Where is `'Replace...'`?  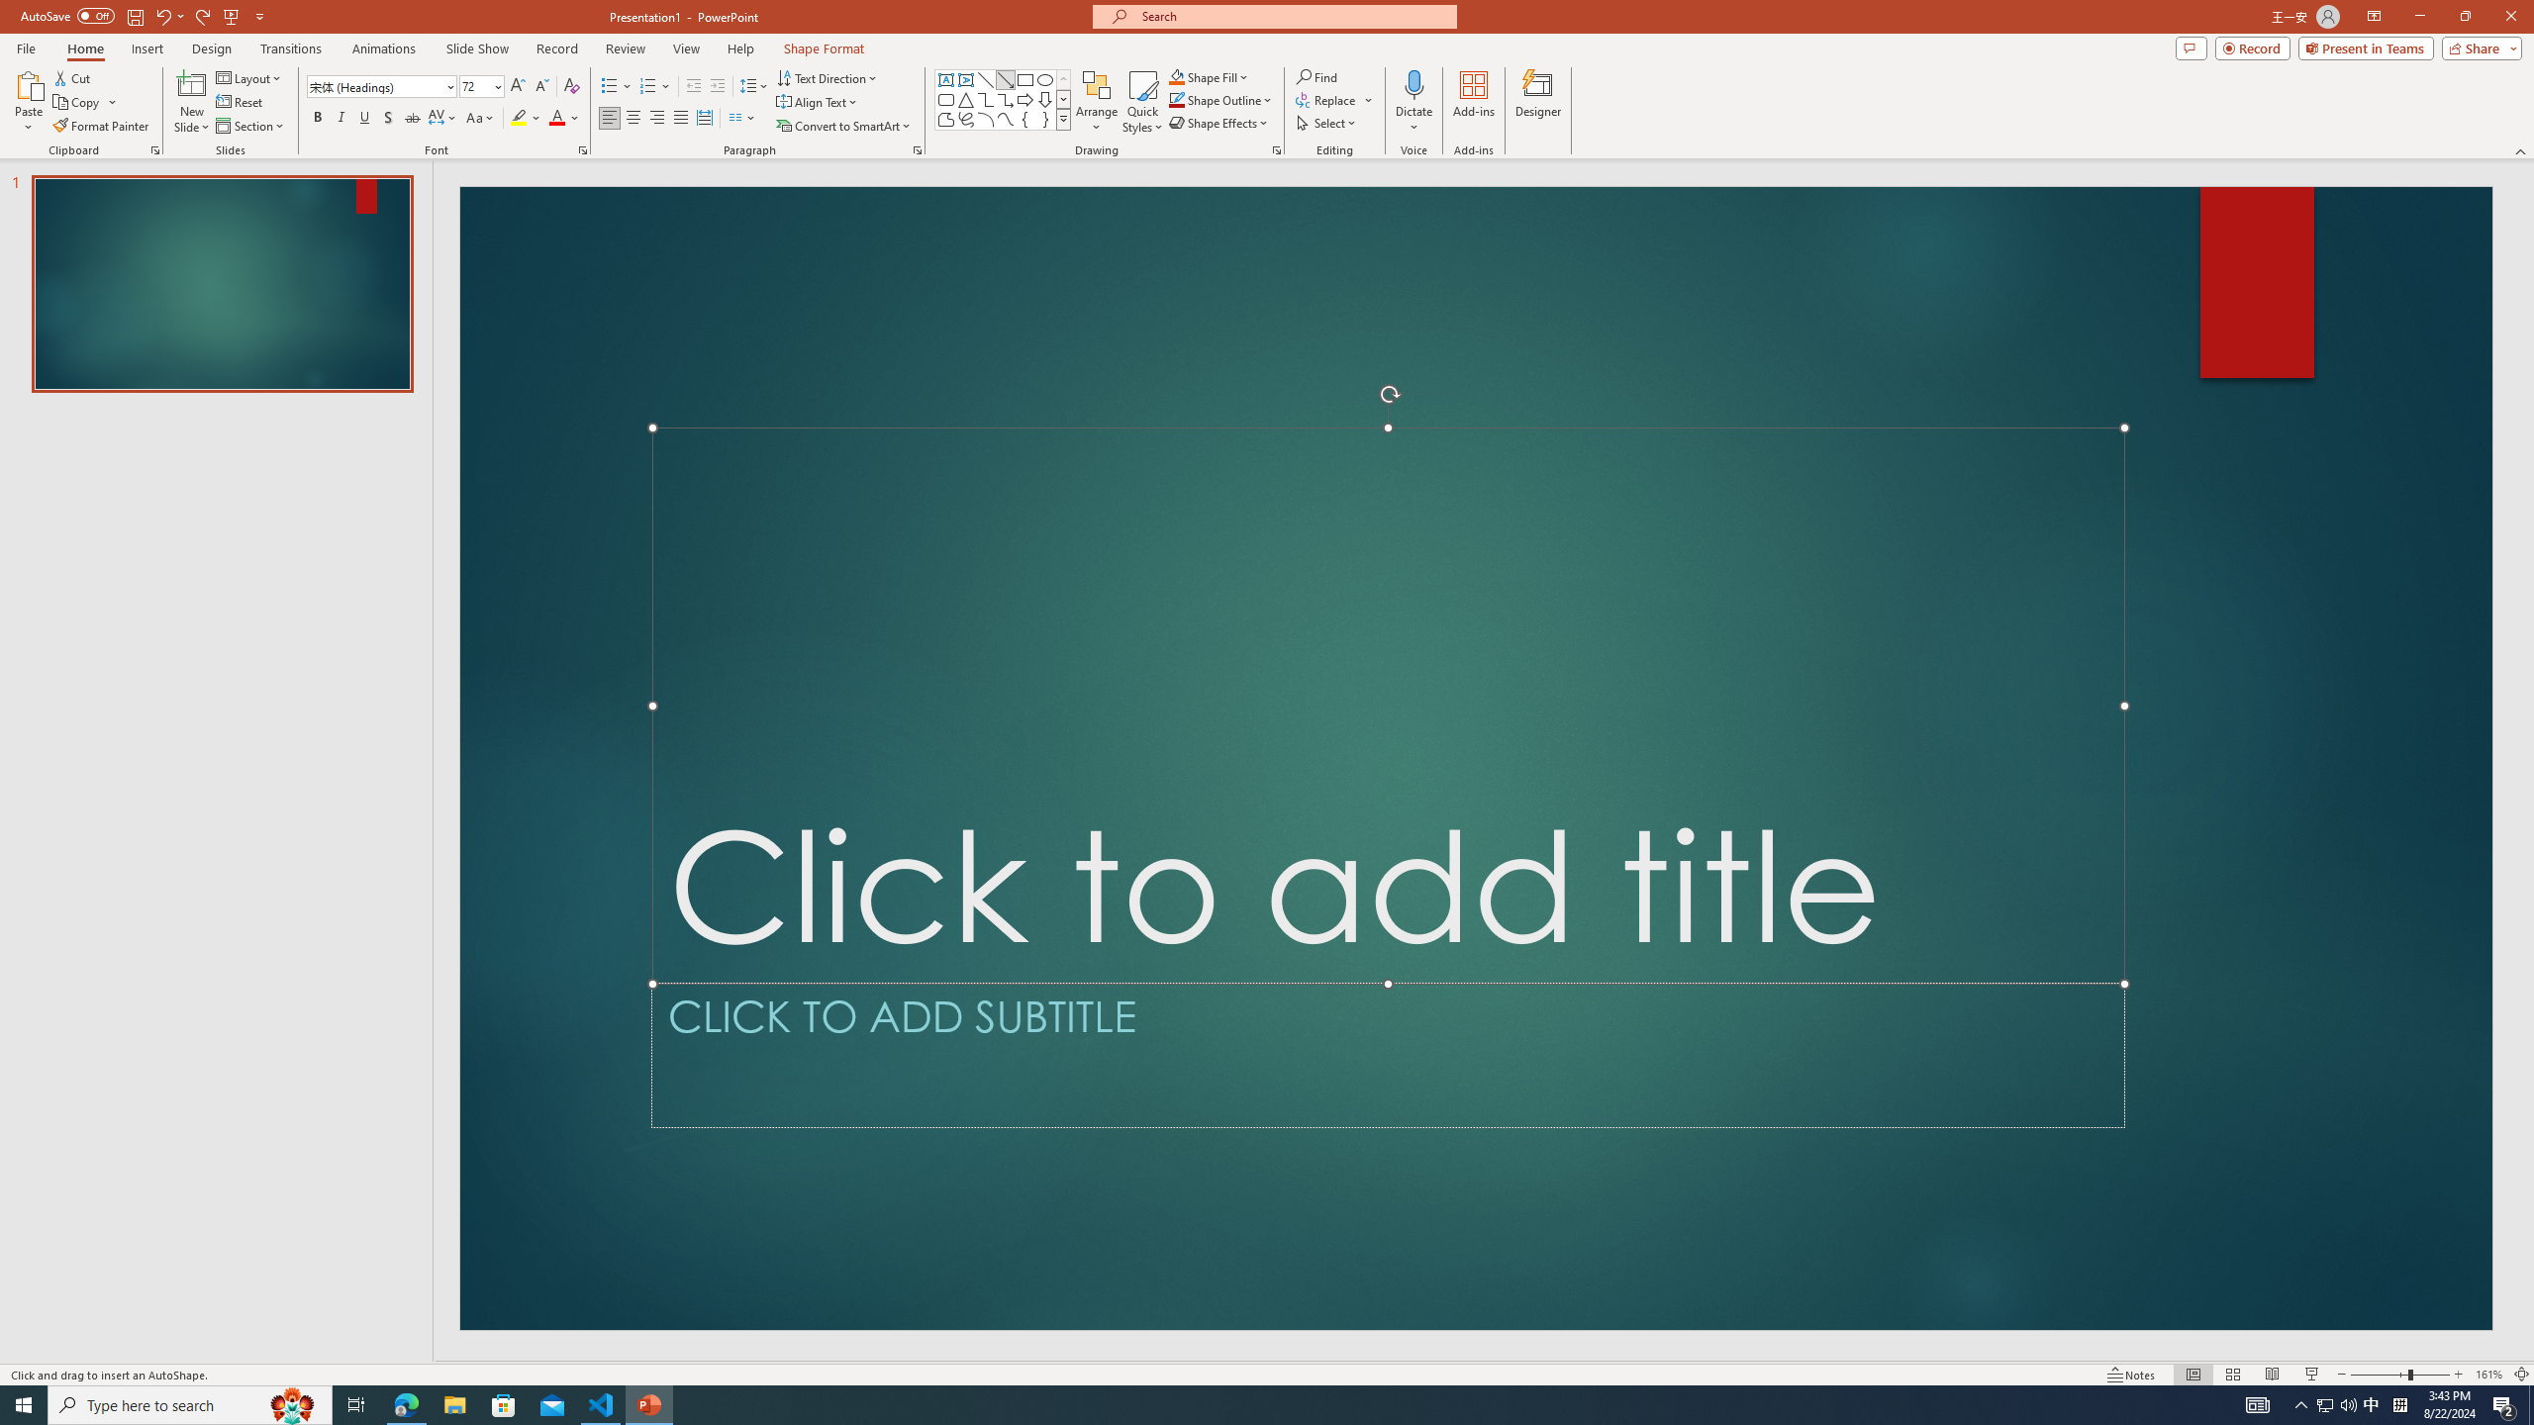 'Replace...' is located at coordinates (1335, 98).